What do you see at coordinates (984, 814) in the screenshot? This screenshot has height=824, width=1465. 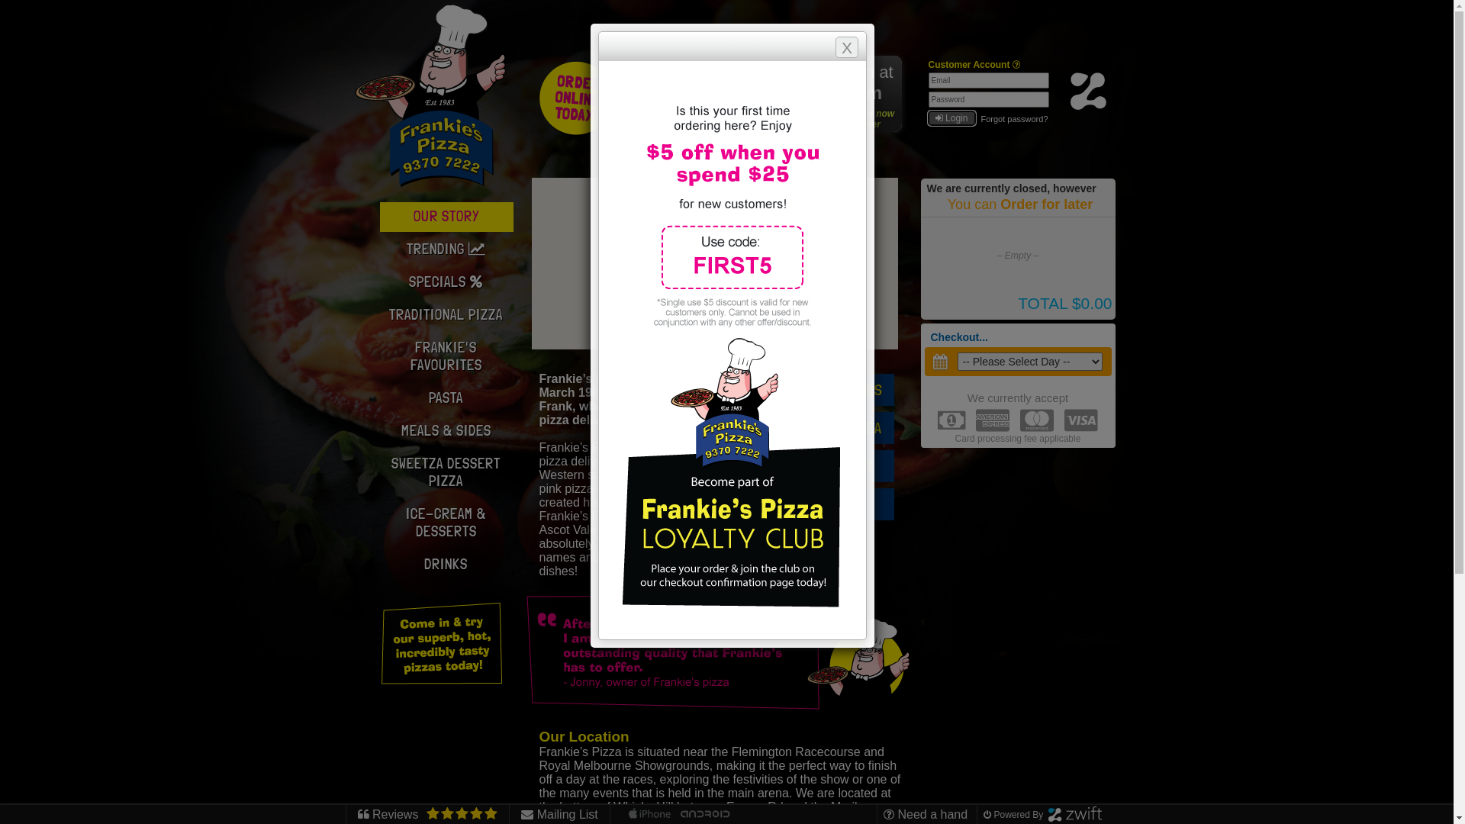 I see `'Powered By'` at bounding box center [984, 814].